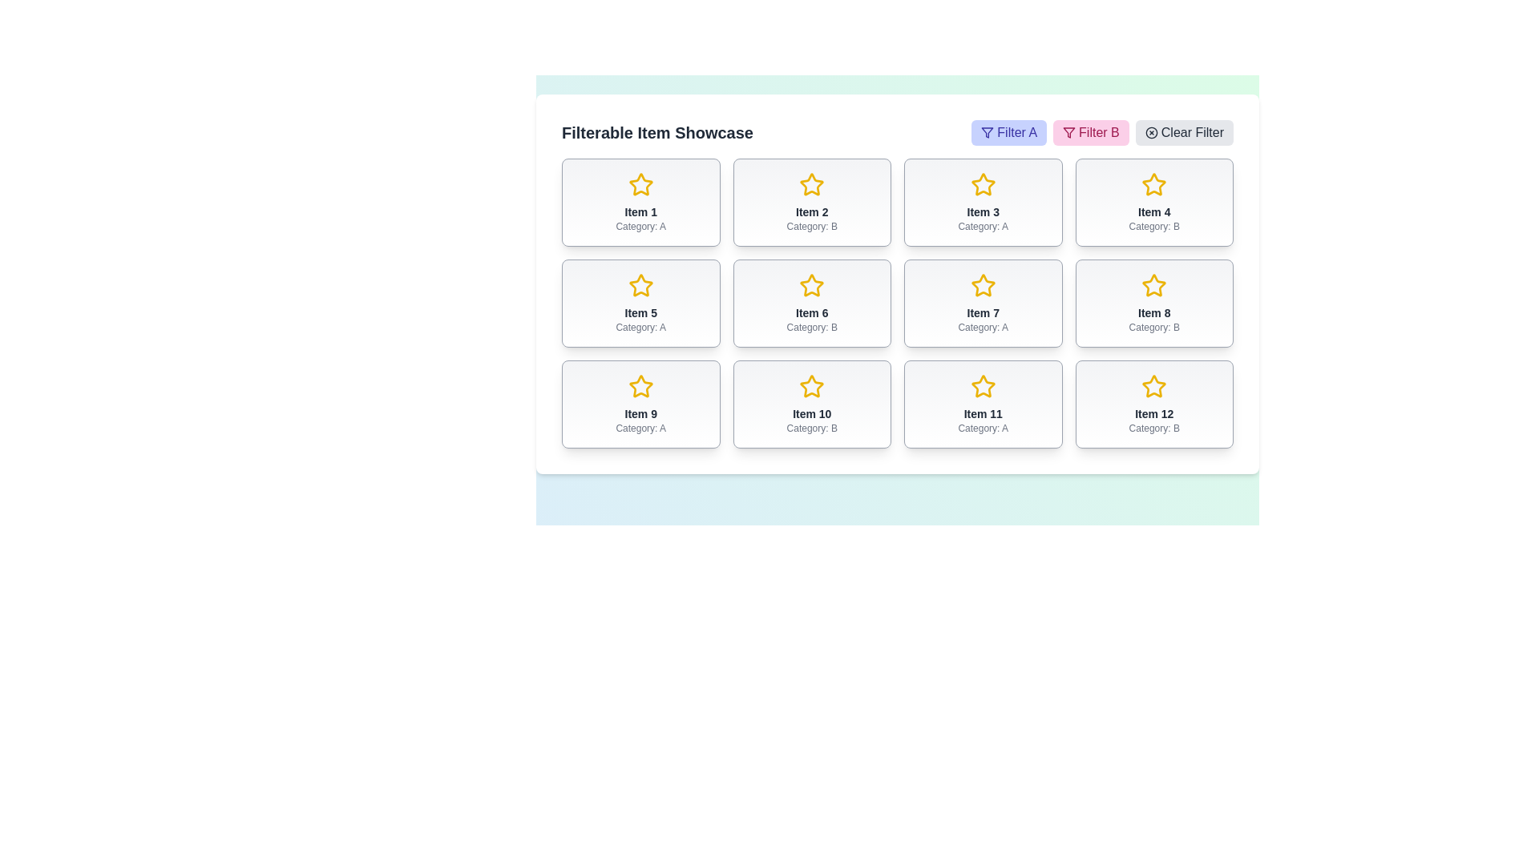  What do you see at coordinates (987, 131) in the screenshot?
I see `the downward-facing triangle icon within the 'Filter B' button` at bounding box center [987, 131].